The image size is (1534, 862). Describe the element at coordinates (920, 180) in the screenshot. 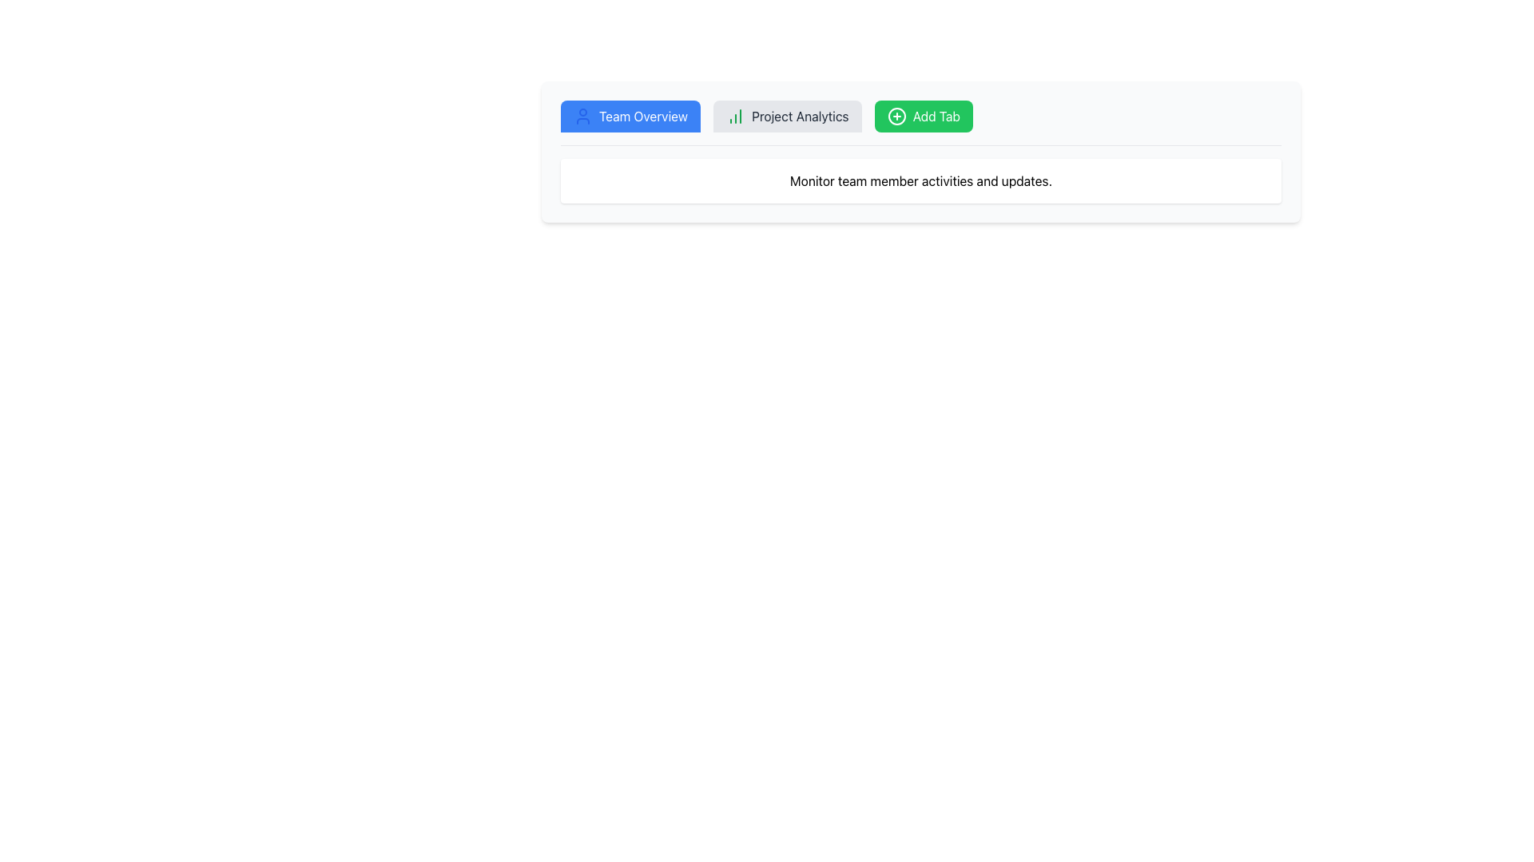

I see `text phrase 'Monitor team member activities and updates.' displayed within the white card-like text block located centrally below the interactive tabs` at that location.